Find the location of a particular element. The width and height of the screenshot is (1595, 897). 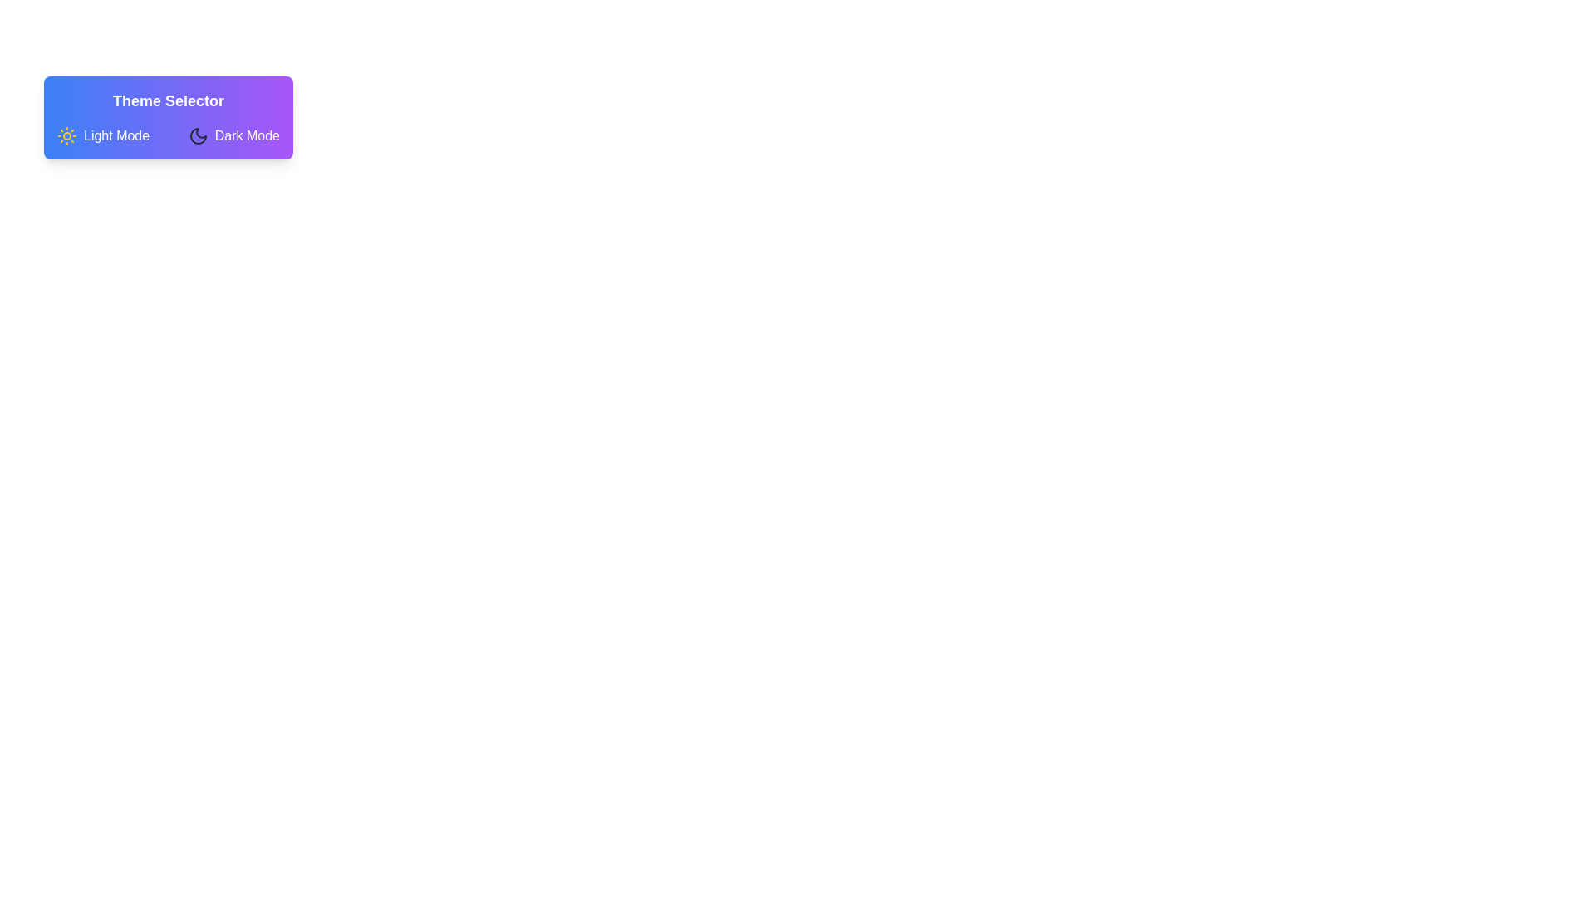

'Light Mode' label with the sun icon to understand its meaning is located at coordinates (102, 135).